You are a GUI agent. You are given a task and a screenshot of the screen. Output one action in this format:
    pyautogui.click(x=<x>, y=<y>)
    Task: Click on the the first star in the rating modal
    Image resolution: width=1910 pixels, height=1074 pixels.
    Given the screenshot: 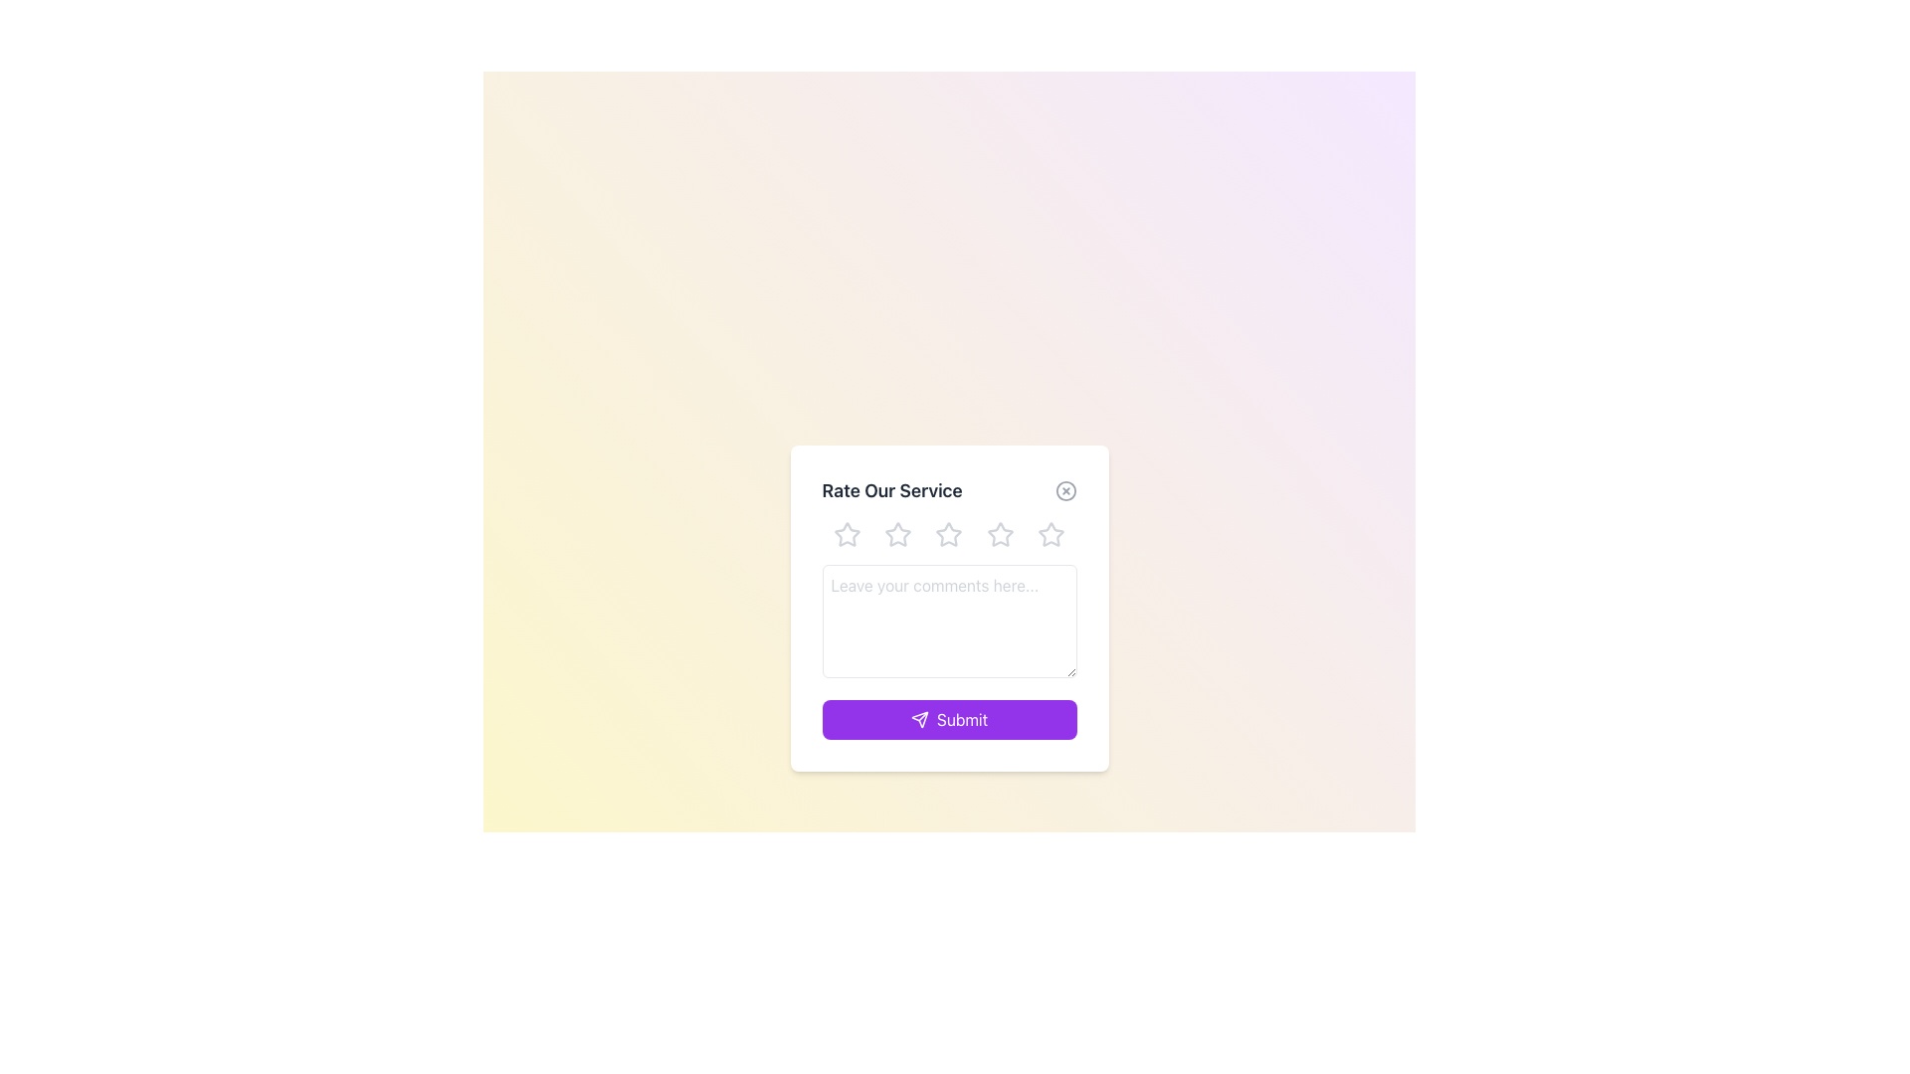 What is the action you would take?
    pyautogui.click(x=848, y=533)
    